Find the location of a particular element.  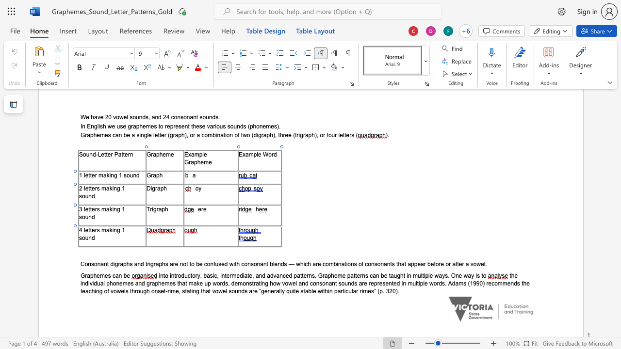

the space between the continuous character "u" and "n" in the text is located at coordinates (88, 238).